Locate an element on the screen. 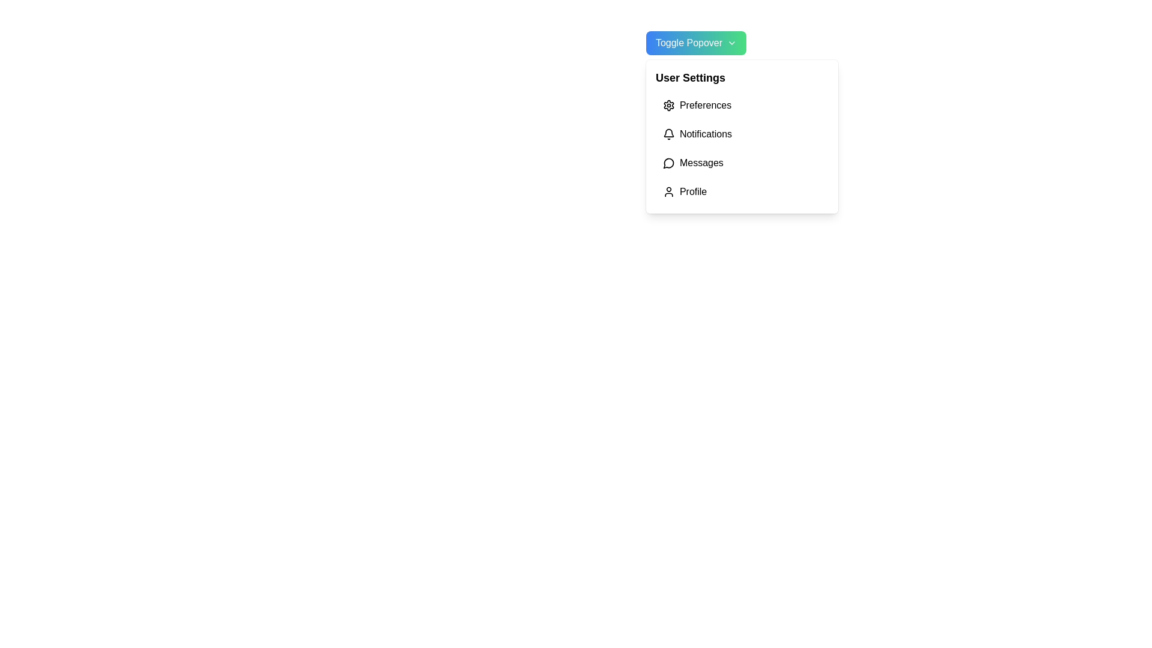 This screenshot has height=648, width=1152. the 'Messages' icon in the 'User Settings' dropdown menu, which visually represents the messaging functionality is located at coordinates (668, 163).